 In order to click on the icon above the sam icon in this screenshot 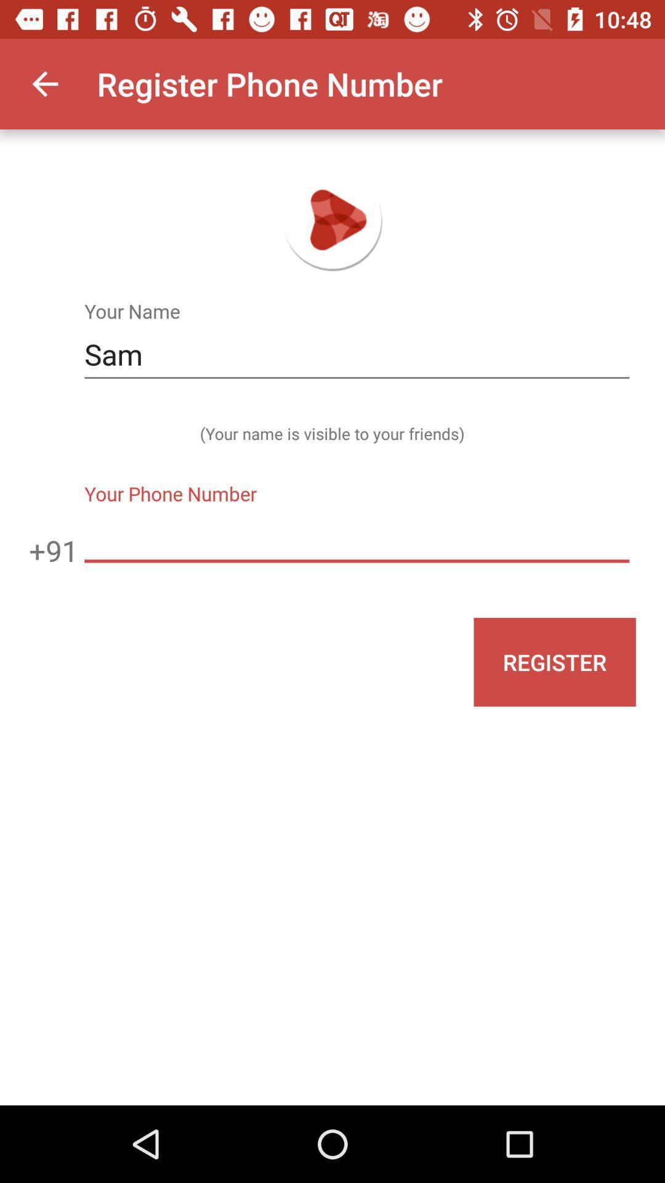, I will do `click(44, 83)`.